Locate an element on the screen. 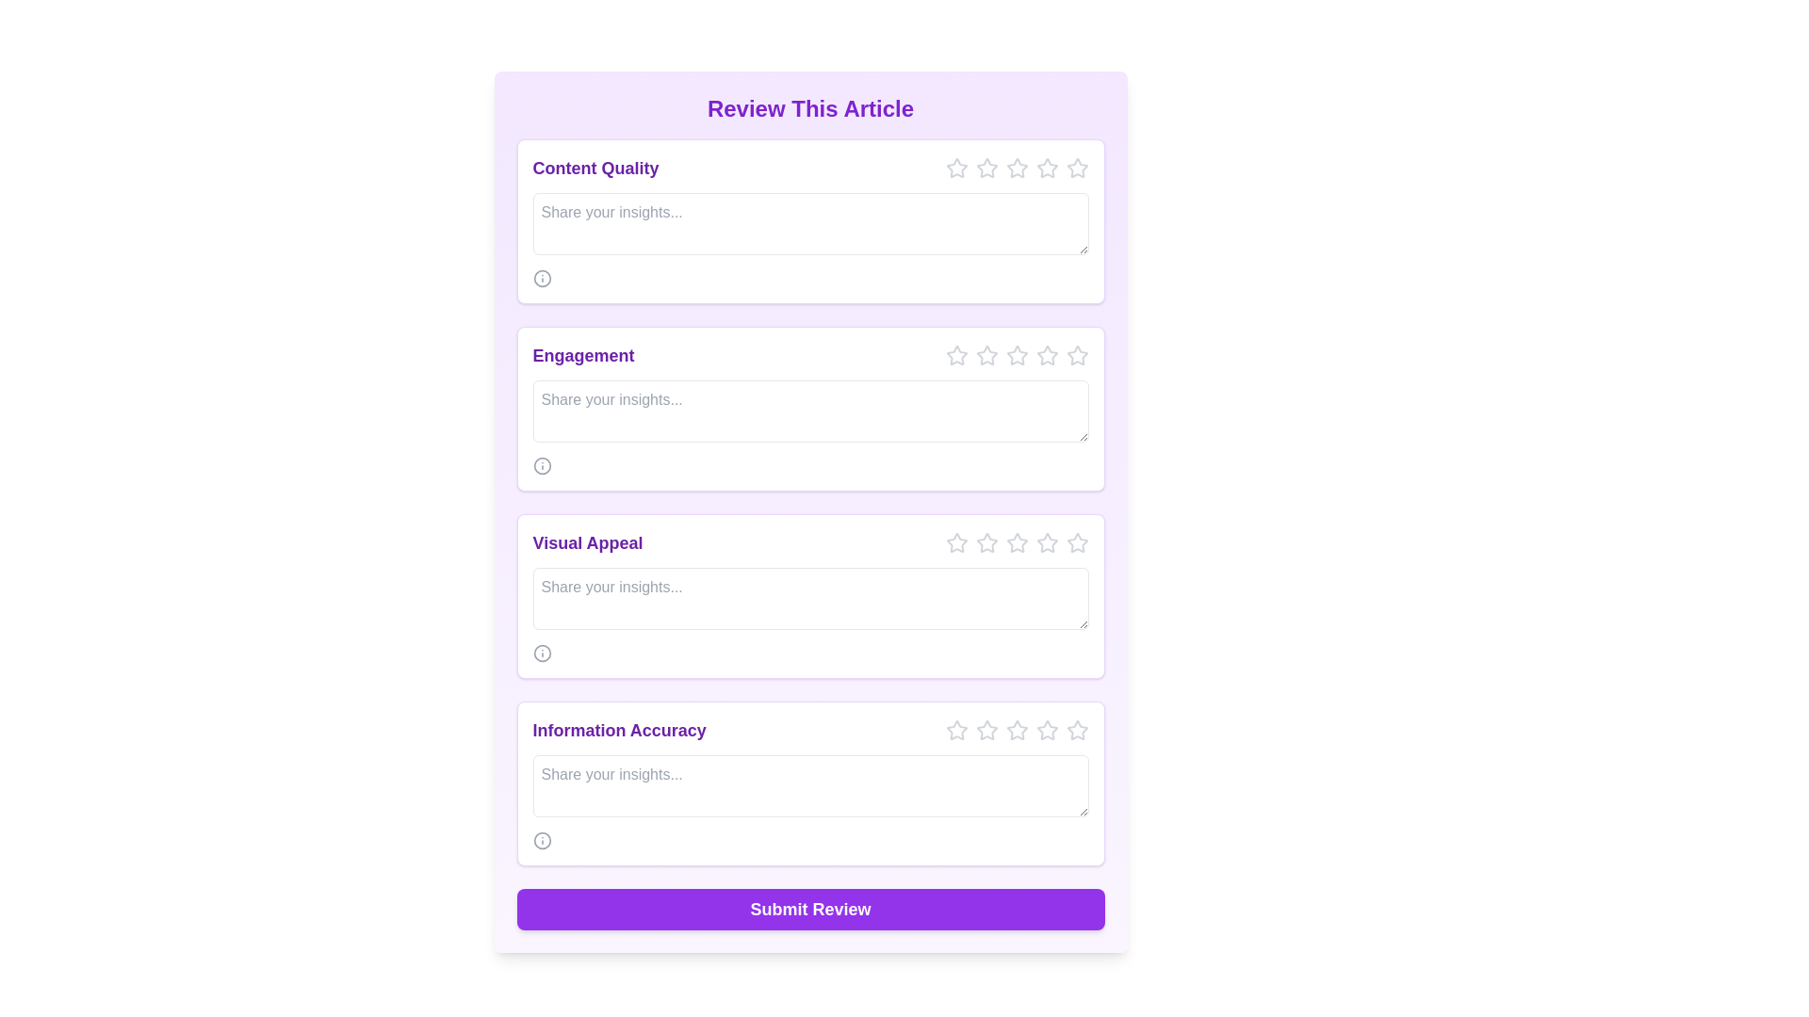  the 'Submit Review' button, which is a rectangular button with rounded corners, purple background, and white bold text, located at the bottom center of the 'Review This Article' section is located at coordinates (810, 908).